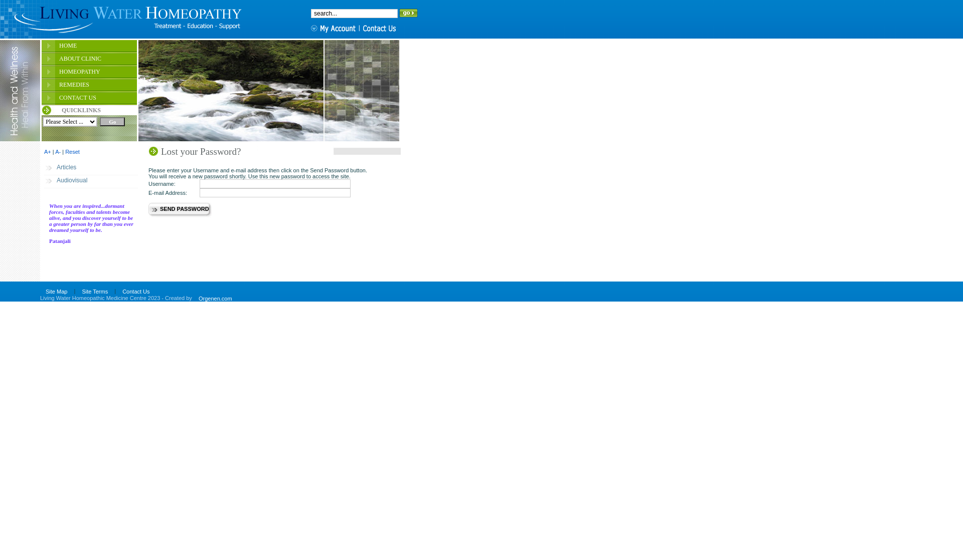 This screenshot has height=541, width=963. What do you see at coordinates (43, 181) in the screenshot?
I see `'Audiovisual'` at bounding box center [43, 181].